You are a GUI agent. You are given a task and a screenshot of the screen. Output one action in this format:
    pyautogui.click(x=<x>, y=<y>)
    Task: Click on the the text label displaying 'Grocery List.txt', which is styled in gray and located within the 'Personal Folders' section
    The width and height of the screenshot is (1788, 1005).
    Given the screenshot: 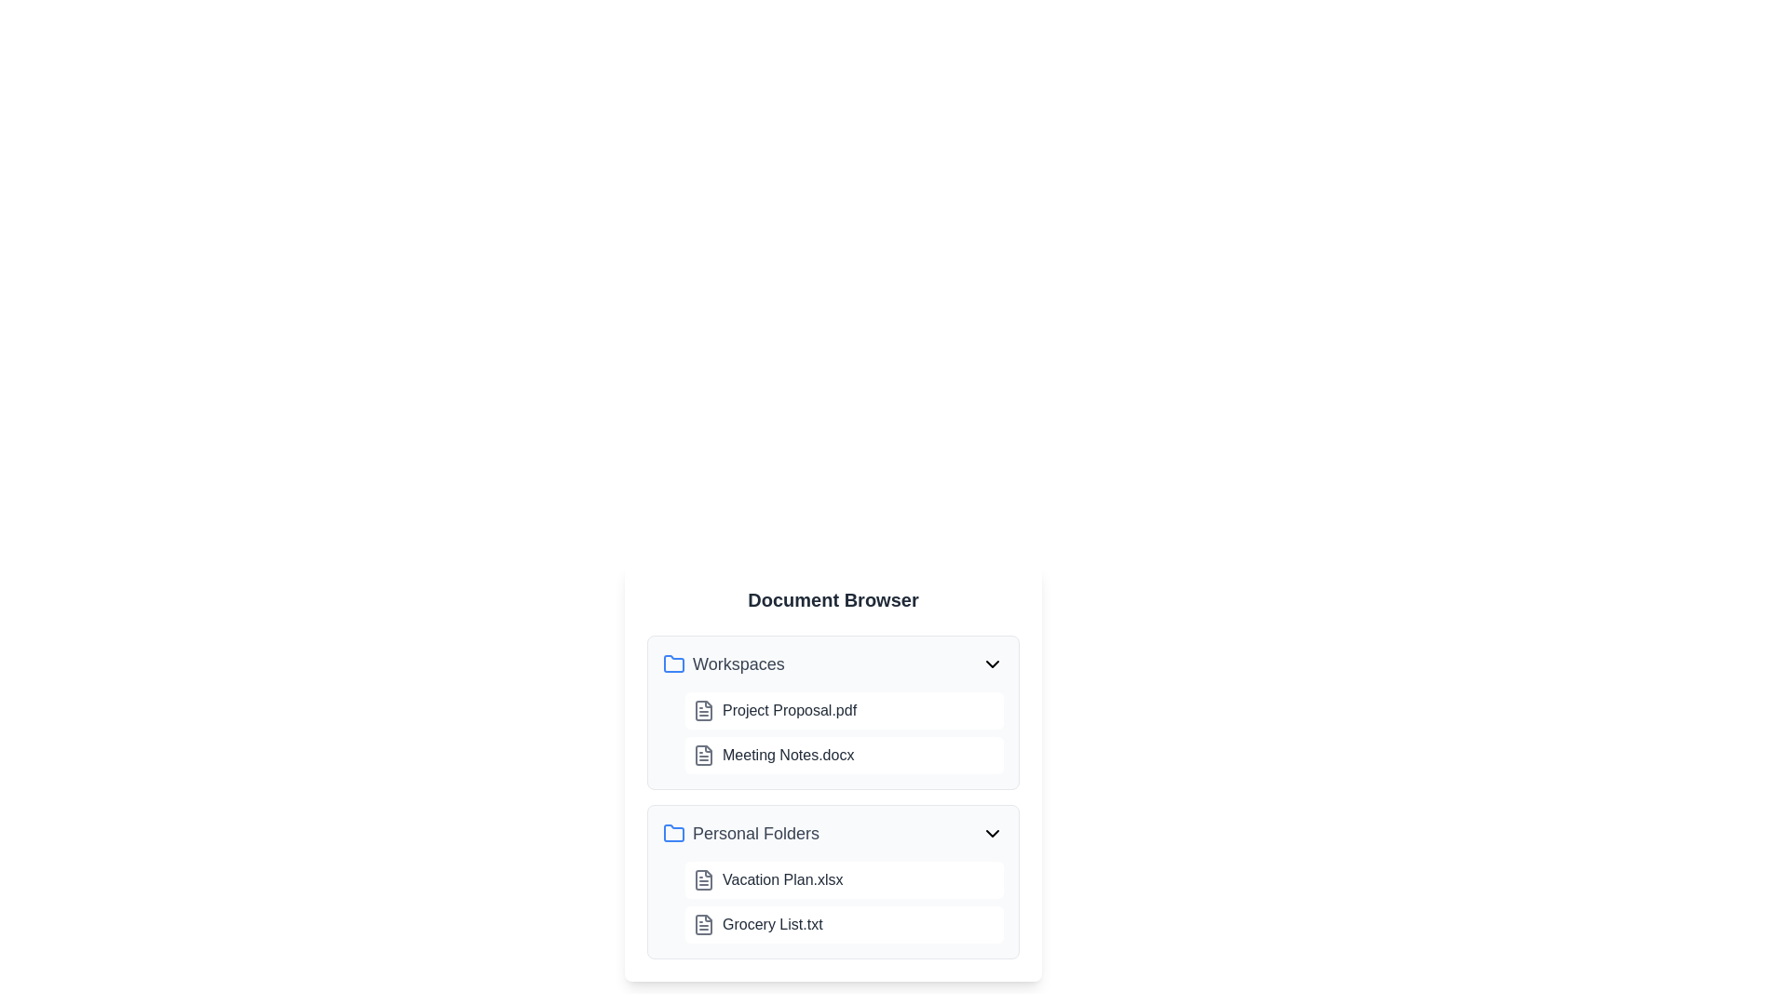 What is the action you would take?
    pyautogui.click(x=772, y=925)
    